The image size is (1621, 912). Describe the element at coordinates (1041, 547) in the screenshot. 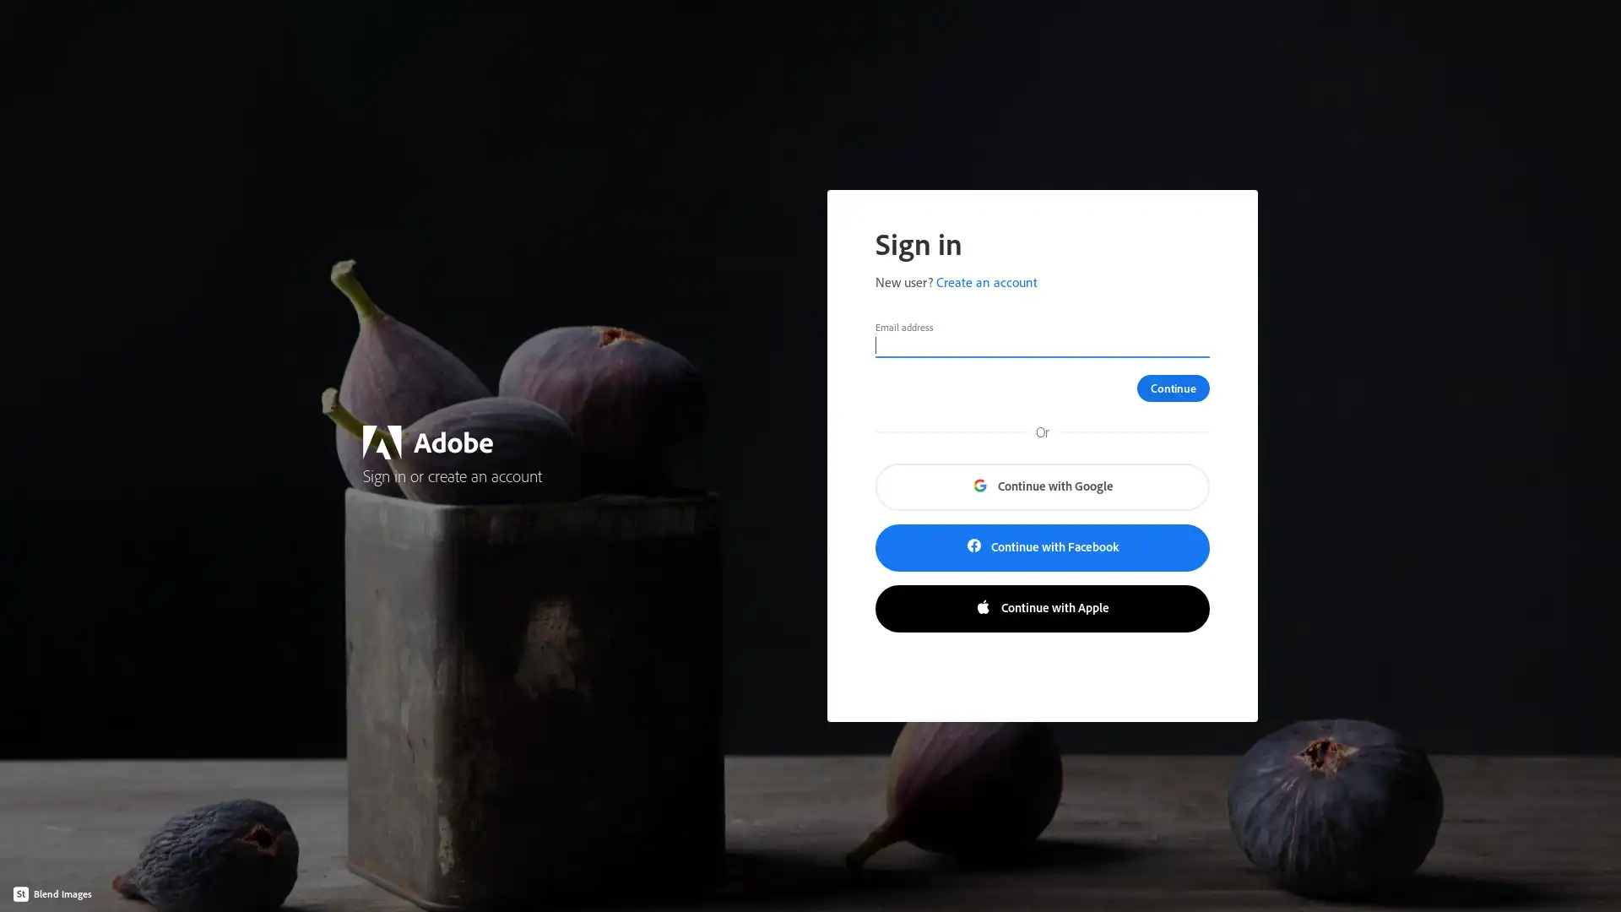

I see `Facebook social Continue with Facebook` at that location.